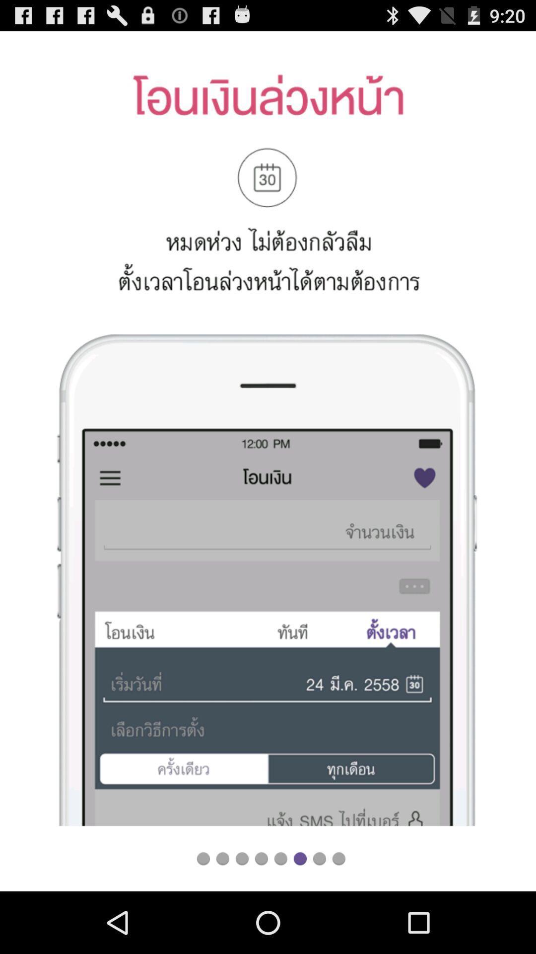 The width and height of the screenshot is (536, 954). What do you see at coordinates (222, 858) in the screenshot?
I see `second page` at bounding box center [222, 858].